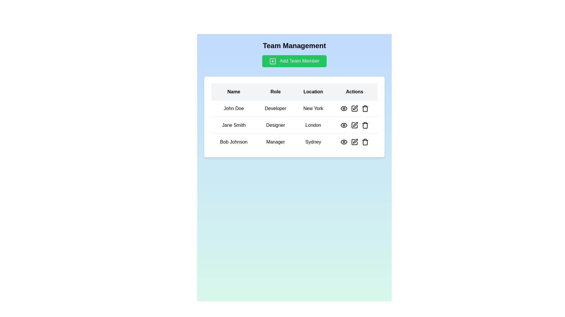 The width and height of the screenshot is (565, 317). What do you see at coordinates (233, 108) in the screenshot?
I see `the text label displaying 'John Doe', which is the first column entry of the first row under the header 'Name' in the table` at bounding box center [233, 108].